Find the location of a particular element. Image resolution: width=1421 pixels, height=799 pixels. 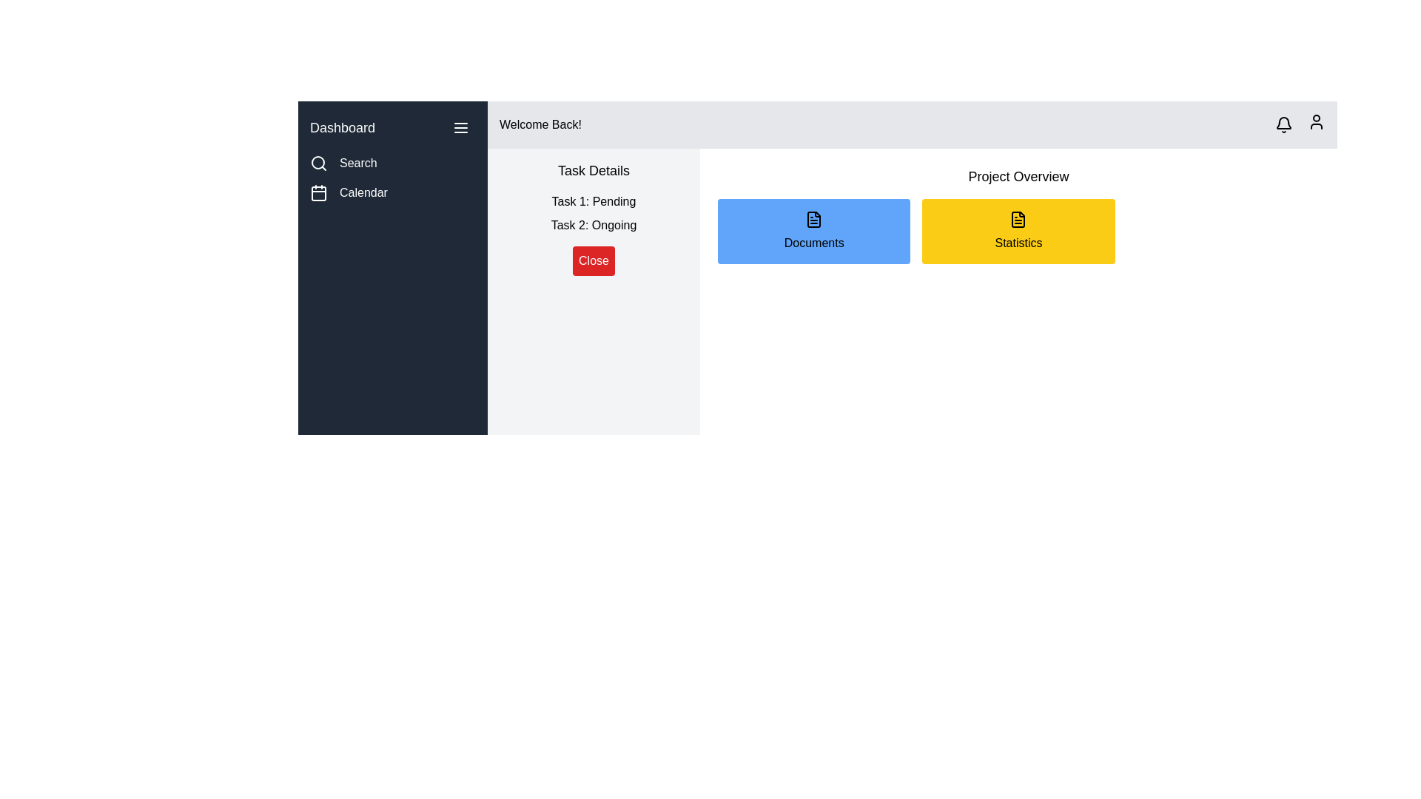

the menu icon located in the top-left corner of the interface is located at coordinates (460, 127).